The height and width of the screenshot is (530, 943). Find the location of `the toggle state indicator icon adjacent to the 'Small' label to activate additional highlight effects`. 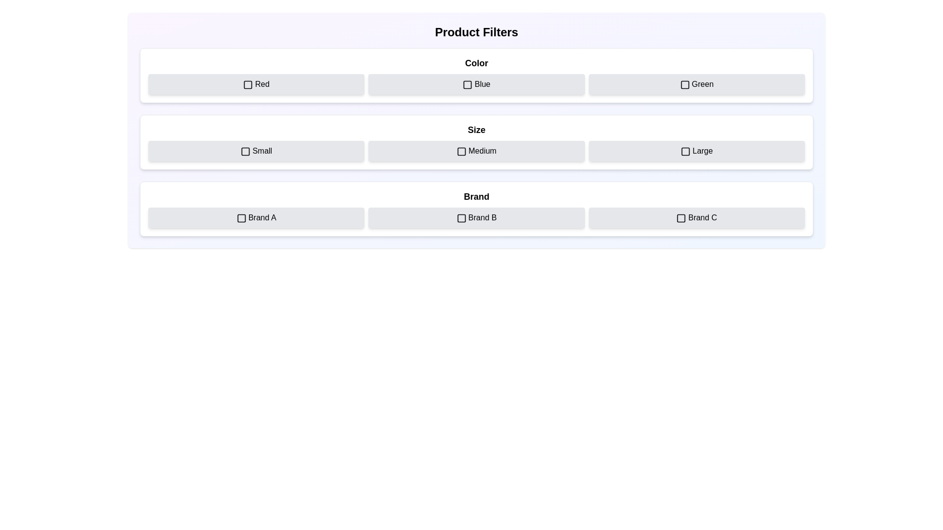

the toggle state indicator icon adjacent to the 'Small' label to activate additional highlight effects is located at coordinates (246, 151).